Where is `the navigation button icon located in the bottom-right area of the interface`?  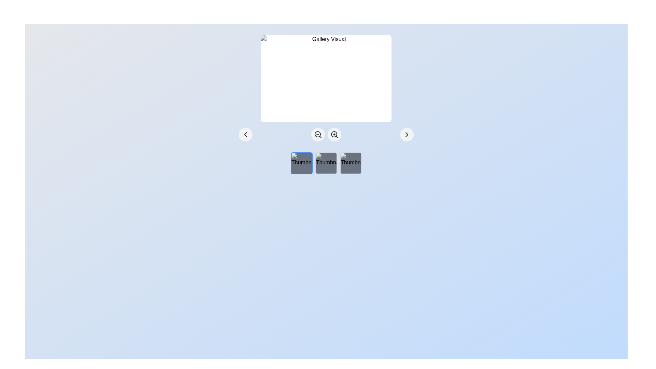
the navigation button icon located in the bottom-right area of the interface is located at coordinates (407, 134).